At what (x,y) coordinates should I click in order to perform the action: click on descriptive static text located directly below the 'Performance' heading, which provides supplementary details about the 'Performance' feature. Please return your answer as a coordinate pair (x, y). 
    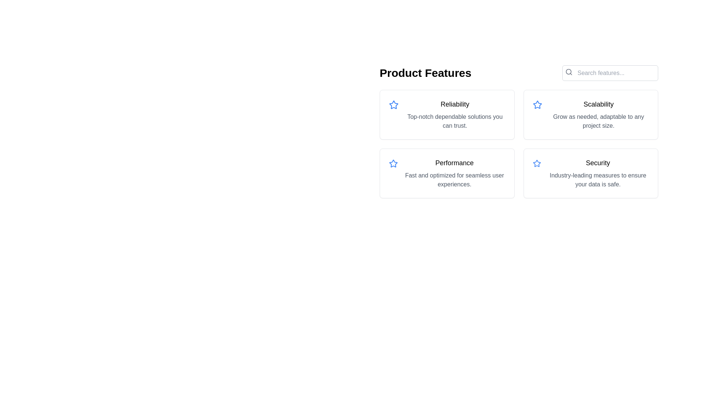
    Looking at the image, I should click on (454, 180).